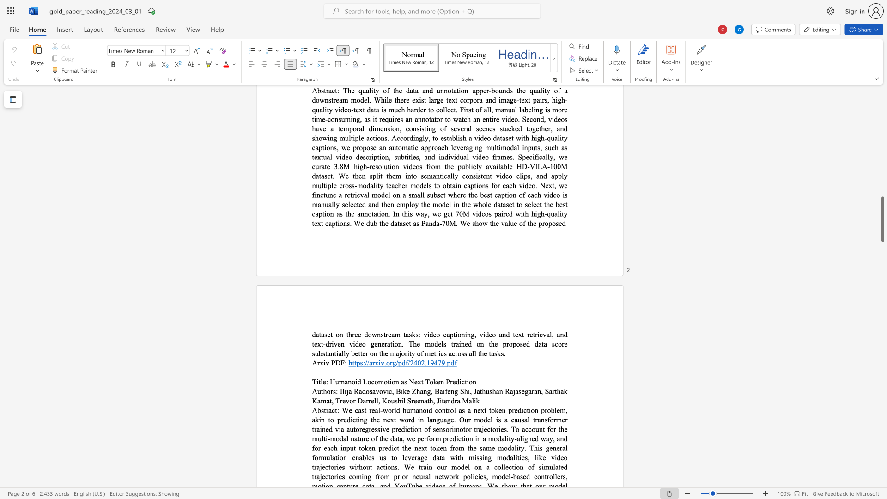  What do you see at coordinates (882, 165) in the screenshot?
I see `the scrollbar to move the page up` at bounding box center [882, 165].